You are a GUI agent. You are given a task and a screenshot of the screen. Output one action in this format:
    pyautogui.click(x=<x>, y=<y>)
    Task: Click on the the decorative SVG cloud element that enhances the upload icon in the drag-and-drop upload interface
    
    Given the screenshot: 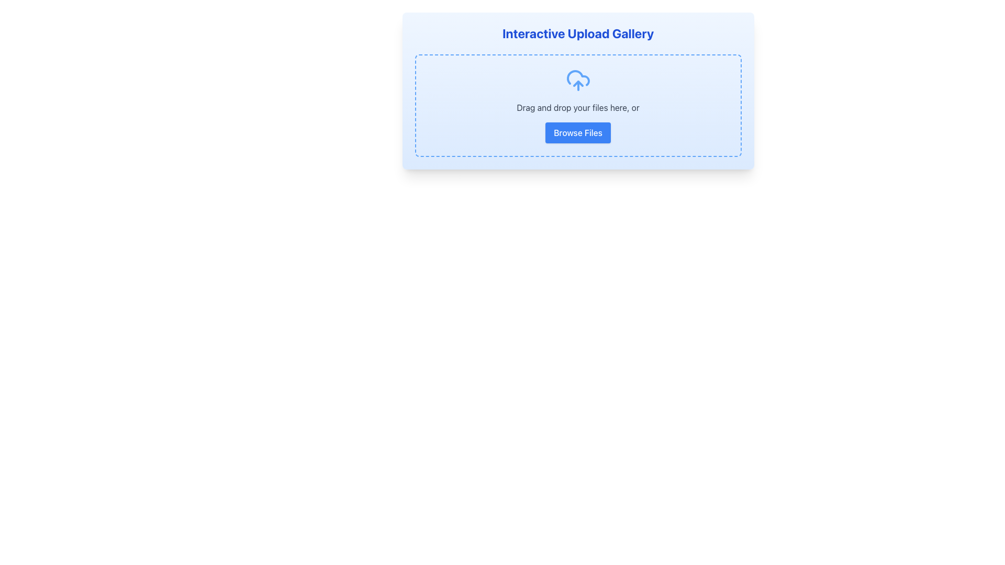 What is the action you would take?
    pyautogui.click(x=577, y=77)
    